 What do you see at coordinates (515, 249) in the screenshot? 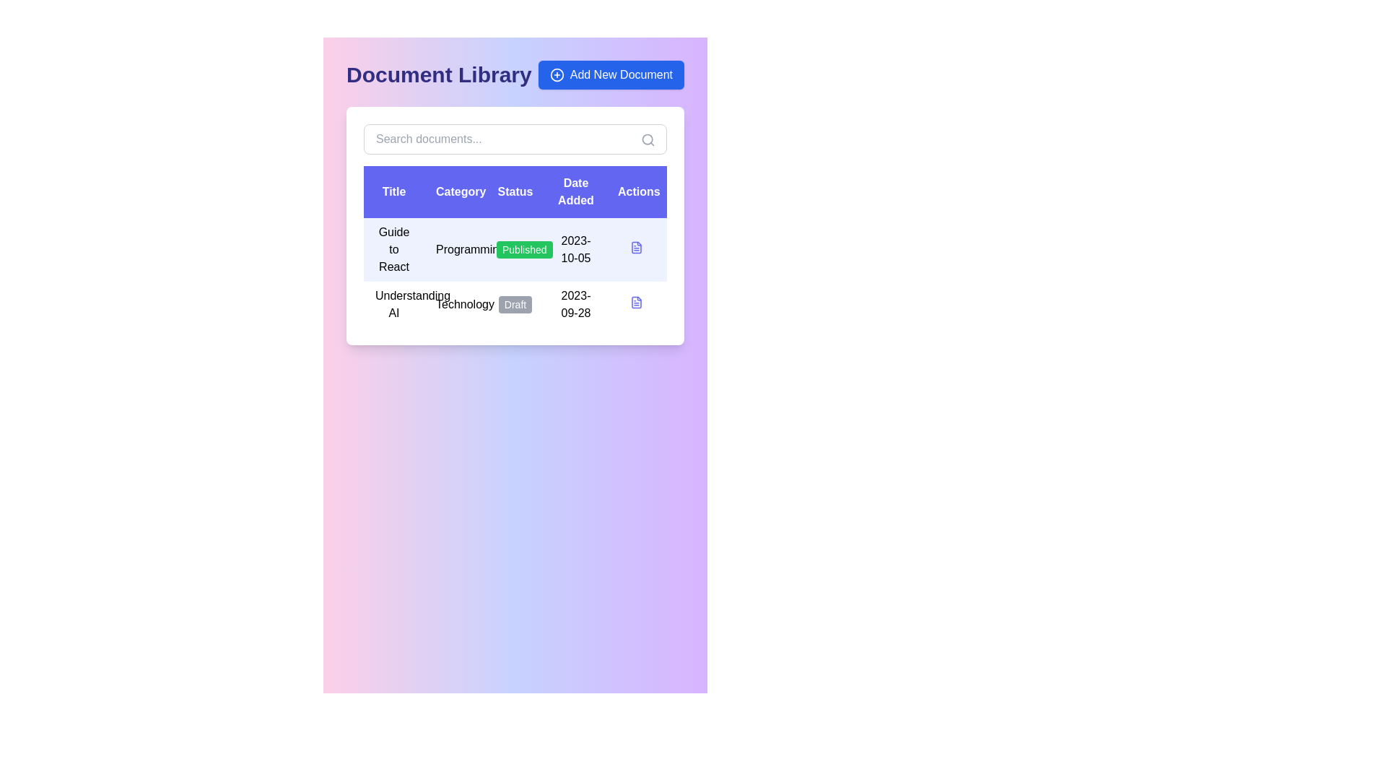
I see `the first row item in the Document Library table that contains the text 'Guide to React' and the green label 'Published'` at bounding box center [515, 249].